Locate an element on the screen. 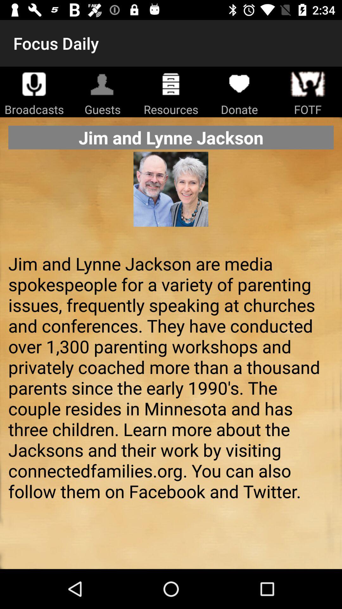 This screenshot has width=342, height=609. the icon below jim and lynne is located at coordinates (170, 199).